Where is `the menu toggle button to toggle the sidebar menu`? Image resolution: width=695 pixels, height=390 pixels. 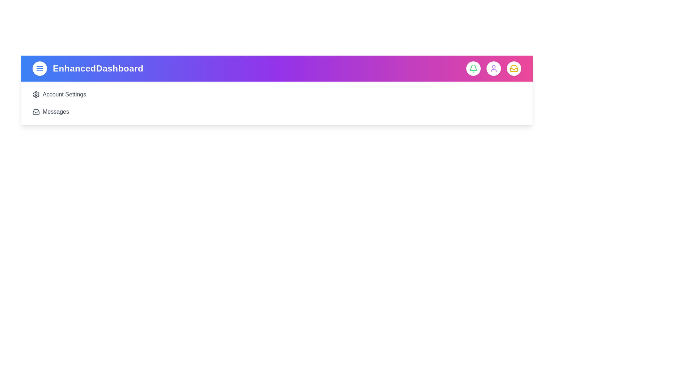
the menu toggle button to toggle the sidebar menu is located at coordinates (39, 68).